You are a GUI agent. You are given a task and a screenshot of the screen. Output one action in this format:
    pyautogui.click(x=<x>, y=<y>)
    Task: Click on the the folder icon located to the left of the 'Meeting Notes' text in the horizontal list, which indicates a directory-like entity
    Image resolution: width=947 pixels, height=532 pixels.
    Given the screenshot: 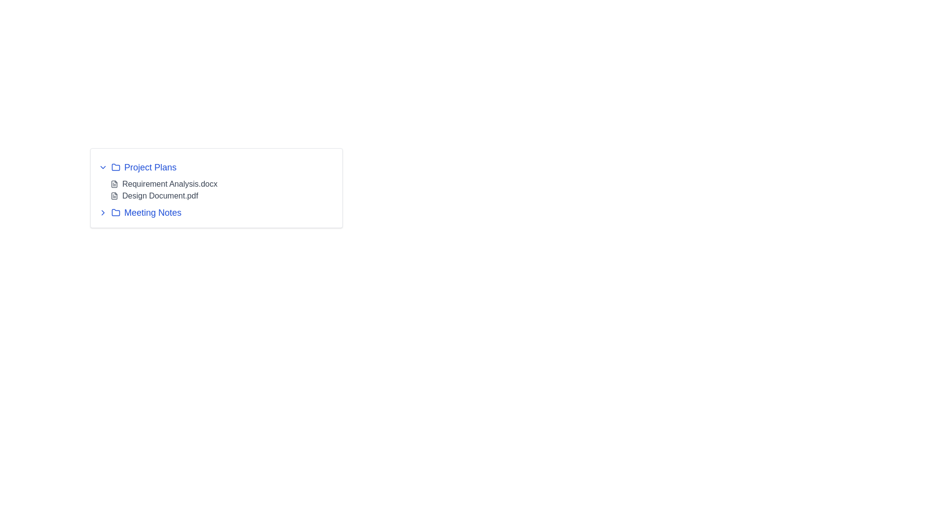 What is the action you would take?
    pyautogui.click(x=116, y=212)
    